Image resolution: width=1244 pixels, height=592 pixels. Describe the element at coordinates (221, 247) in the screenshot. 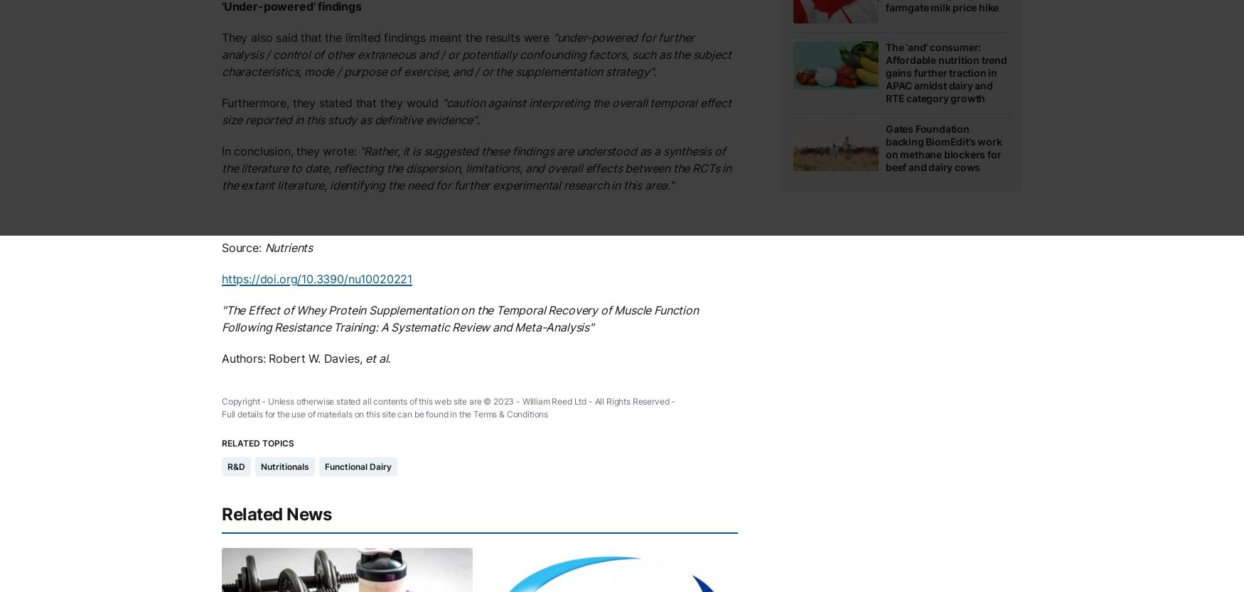

I see `'Source:'` at that location.